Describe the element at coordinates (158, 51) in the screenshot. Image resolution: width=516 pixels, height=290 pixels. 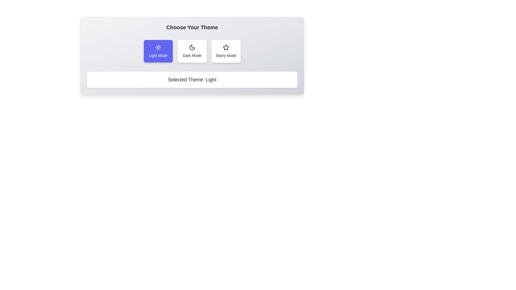
I see `the theme Light Mode by clicking the corresponding button` at that location.